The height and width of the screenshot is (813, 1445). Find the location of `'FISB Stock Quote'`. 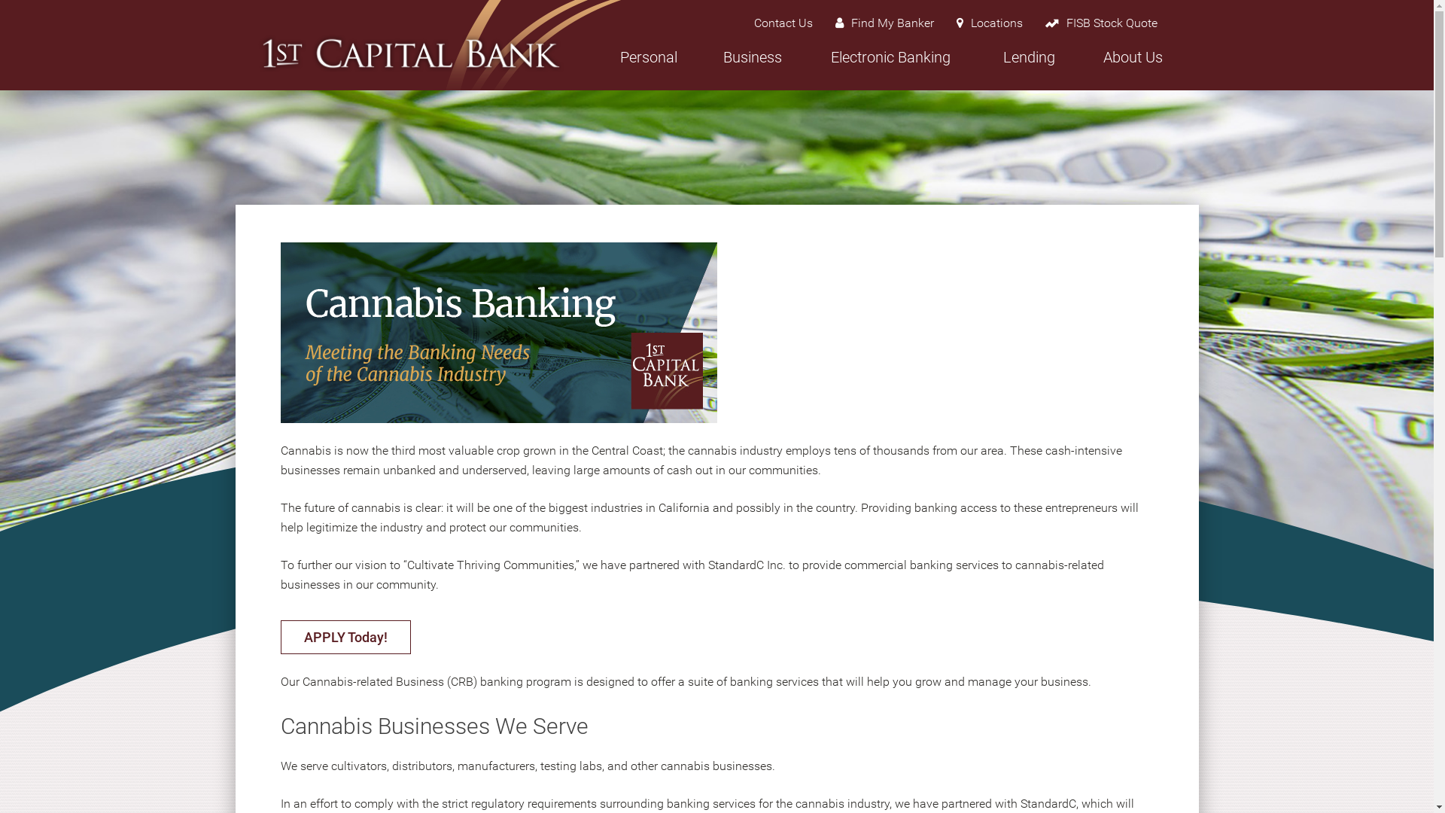

'FISB Stock Quote' is located at coordinates (1101, 23).